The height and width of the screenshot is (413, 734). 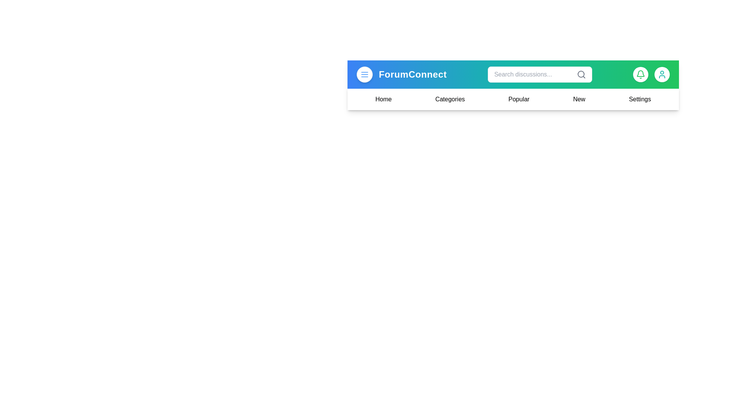 What do you see at coordinates (579, 99) in the screenshot?
I see `the navigation option New from the menu` at bounding box center [579, 99].